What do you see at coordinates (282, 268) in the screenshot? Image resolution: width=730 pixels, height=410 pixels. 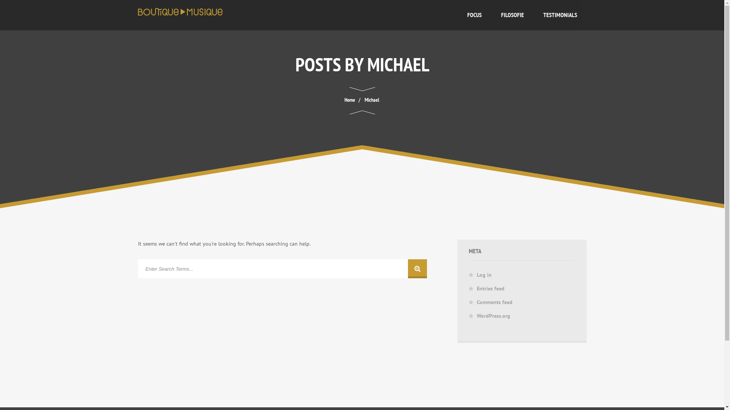 I see `'Search'` at bounding box center [282, 268].